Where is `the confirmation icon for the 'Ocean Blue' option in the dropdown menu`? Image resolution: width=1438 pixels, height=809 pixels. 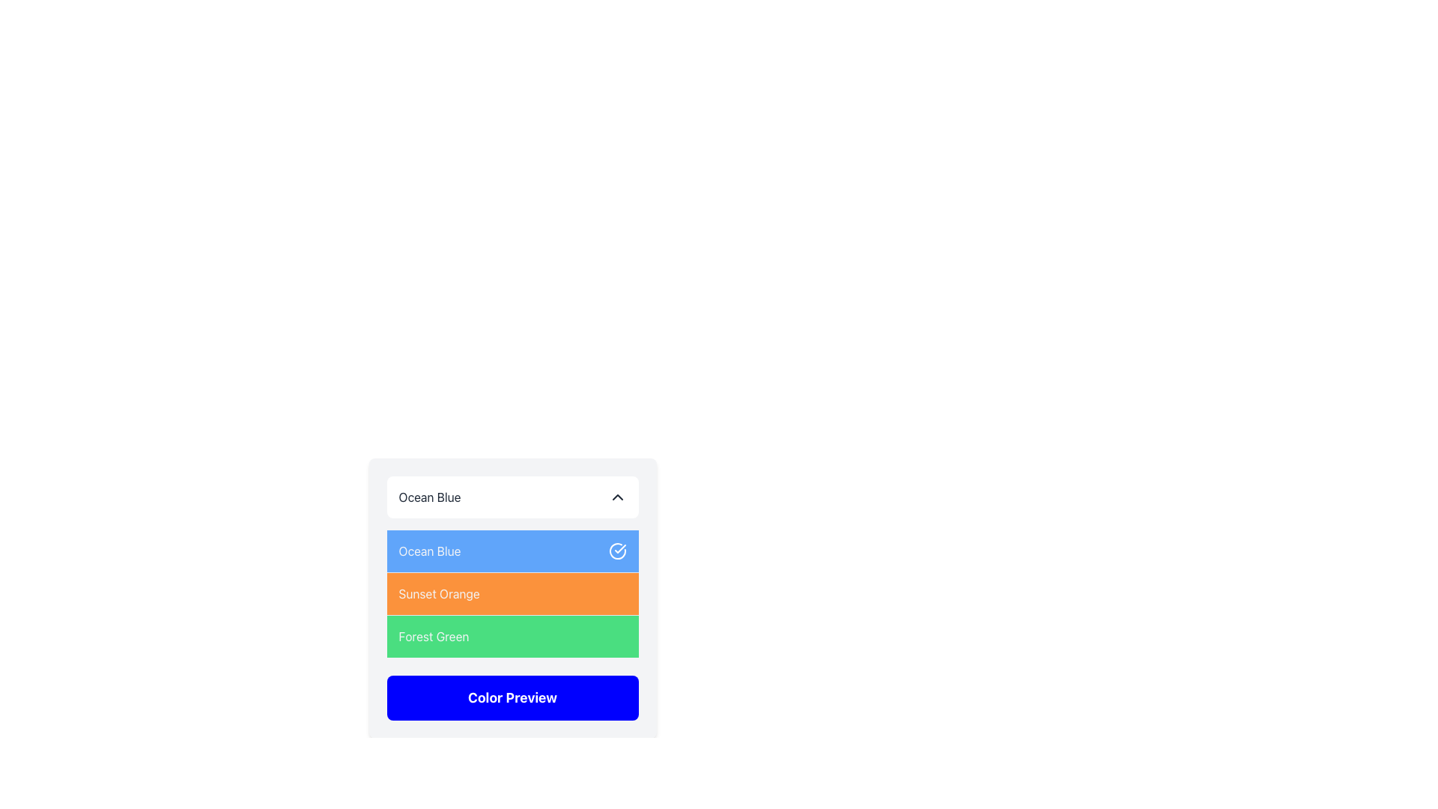 the confirmation icon for the 'Ocean Blue' option in the dropdown menu is located at coordinates (617, 551).